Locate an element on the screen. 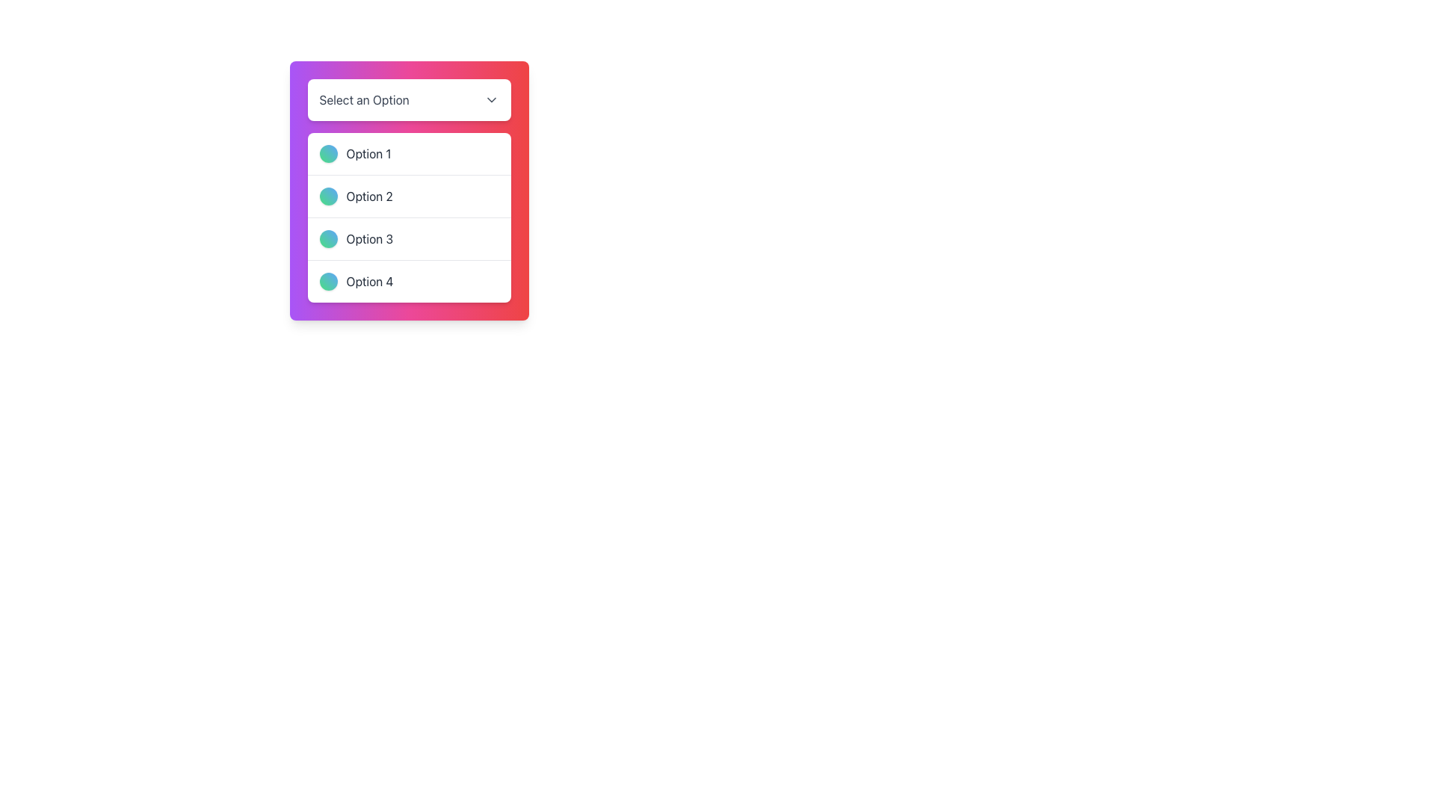  the Circular UI decoration that serves as a symbolic visual marker for the menu option 'Option 1', which is positioned on the left side of the text label is located at coordinates (327, 153).